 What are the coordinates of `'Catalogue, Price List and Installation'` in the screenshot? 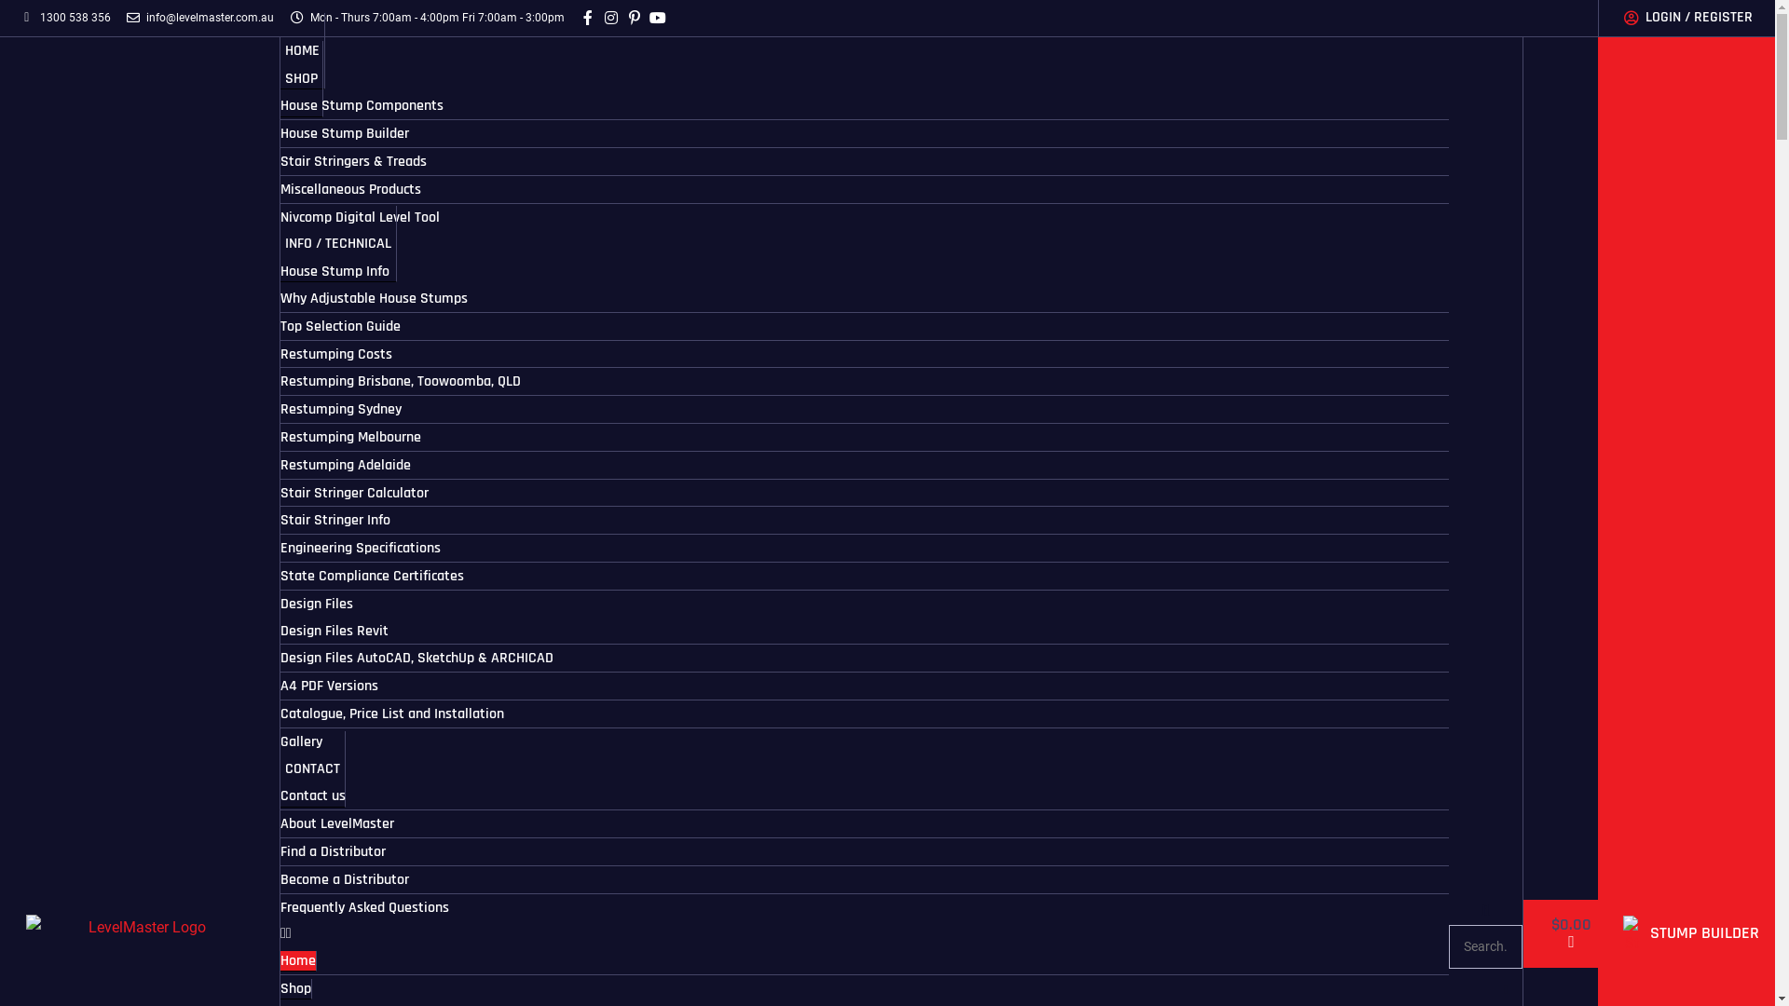 It's located at (391, 713).